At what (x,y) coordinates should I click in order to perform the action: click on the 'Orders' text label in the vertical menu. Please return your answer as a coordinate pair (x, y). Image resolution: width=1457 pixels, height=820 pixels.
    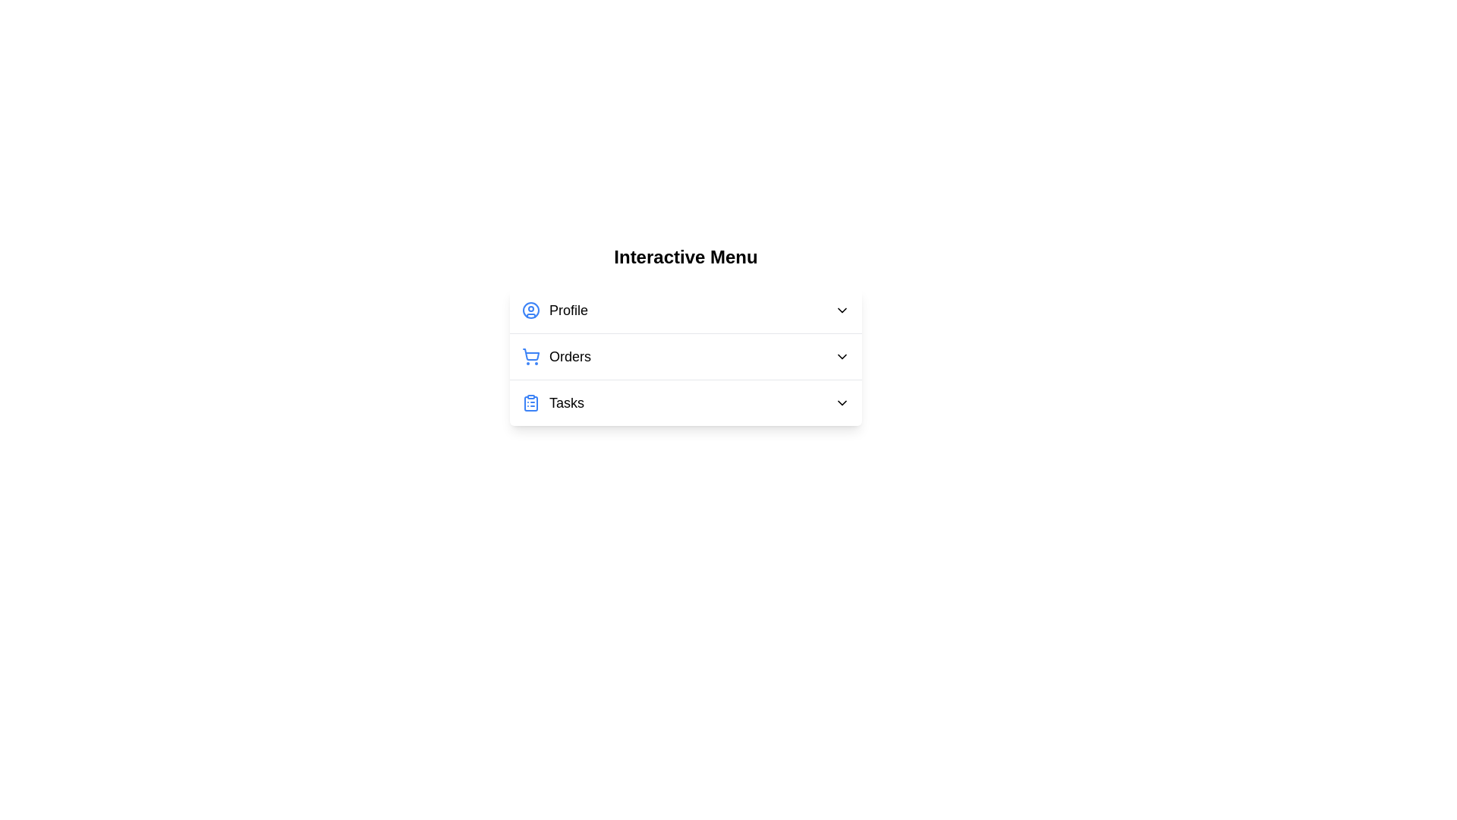
    Looking at the image, I should click on (555, 357).